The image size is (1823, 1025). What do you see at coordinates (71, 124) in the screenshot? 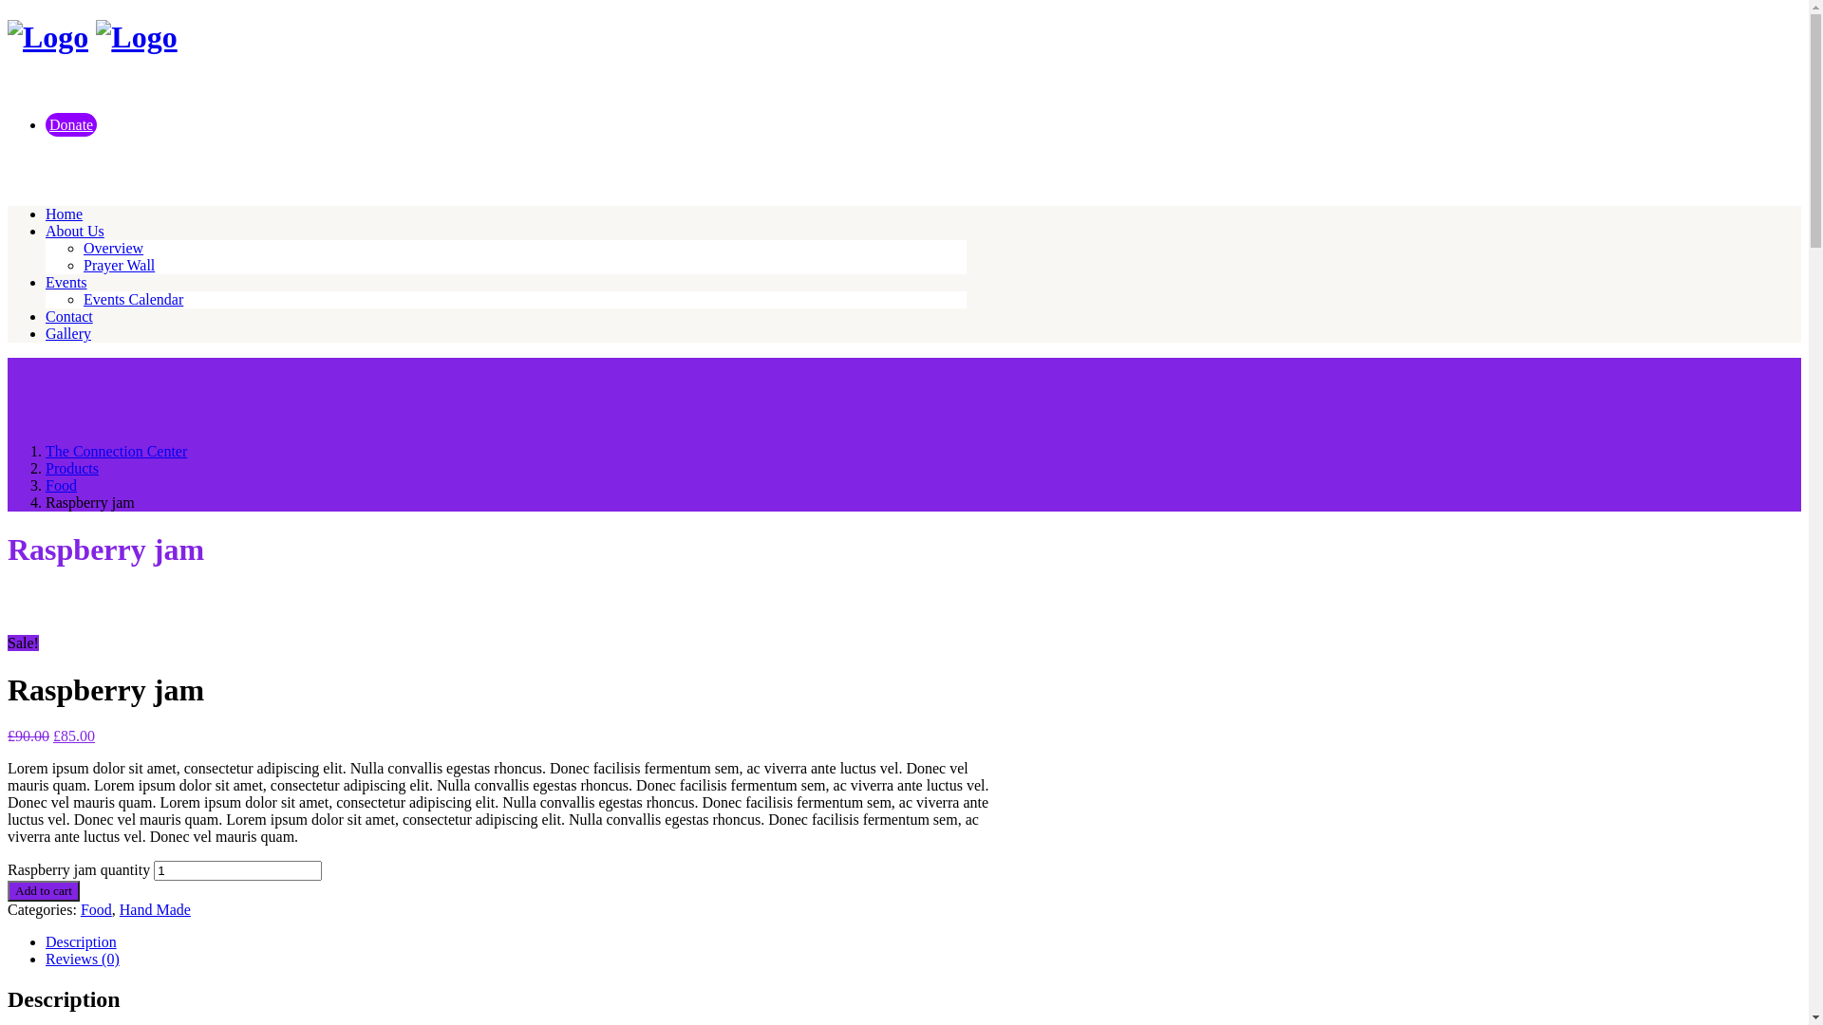
I see `'Donate'` at bounding box center [71, 124].